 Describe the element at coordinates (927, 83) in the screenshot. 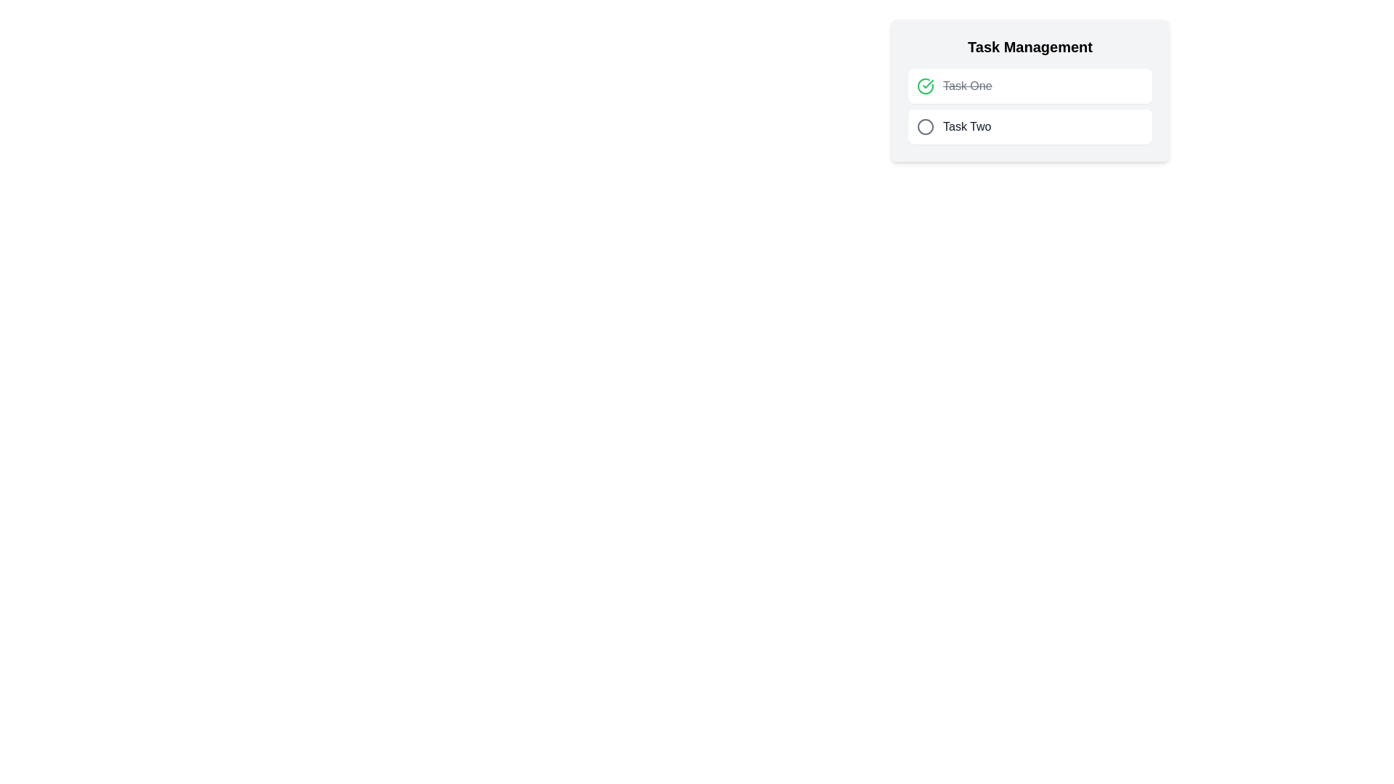

I see `green checkmark icon element within the 'Task Management' section, which represents the successful status of 'Task One'` at that location.